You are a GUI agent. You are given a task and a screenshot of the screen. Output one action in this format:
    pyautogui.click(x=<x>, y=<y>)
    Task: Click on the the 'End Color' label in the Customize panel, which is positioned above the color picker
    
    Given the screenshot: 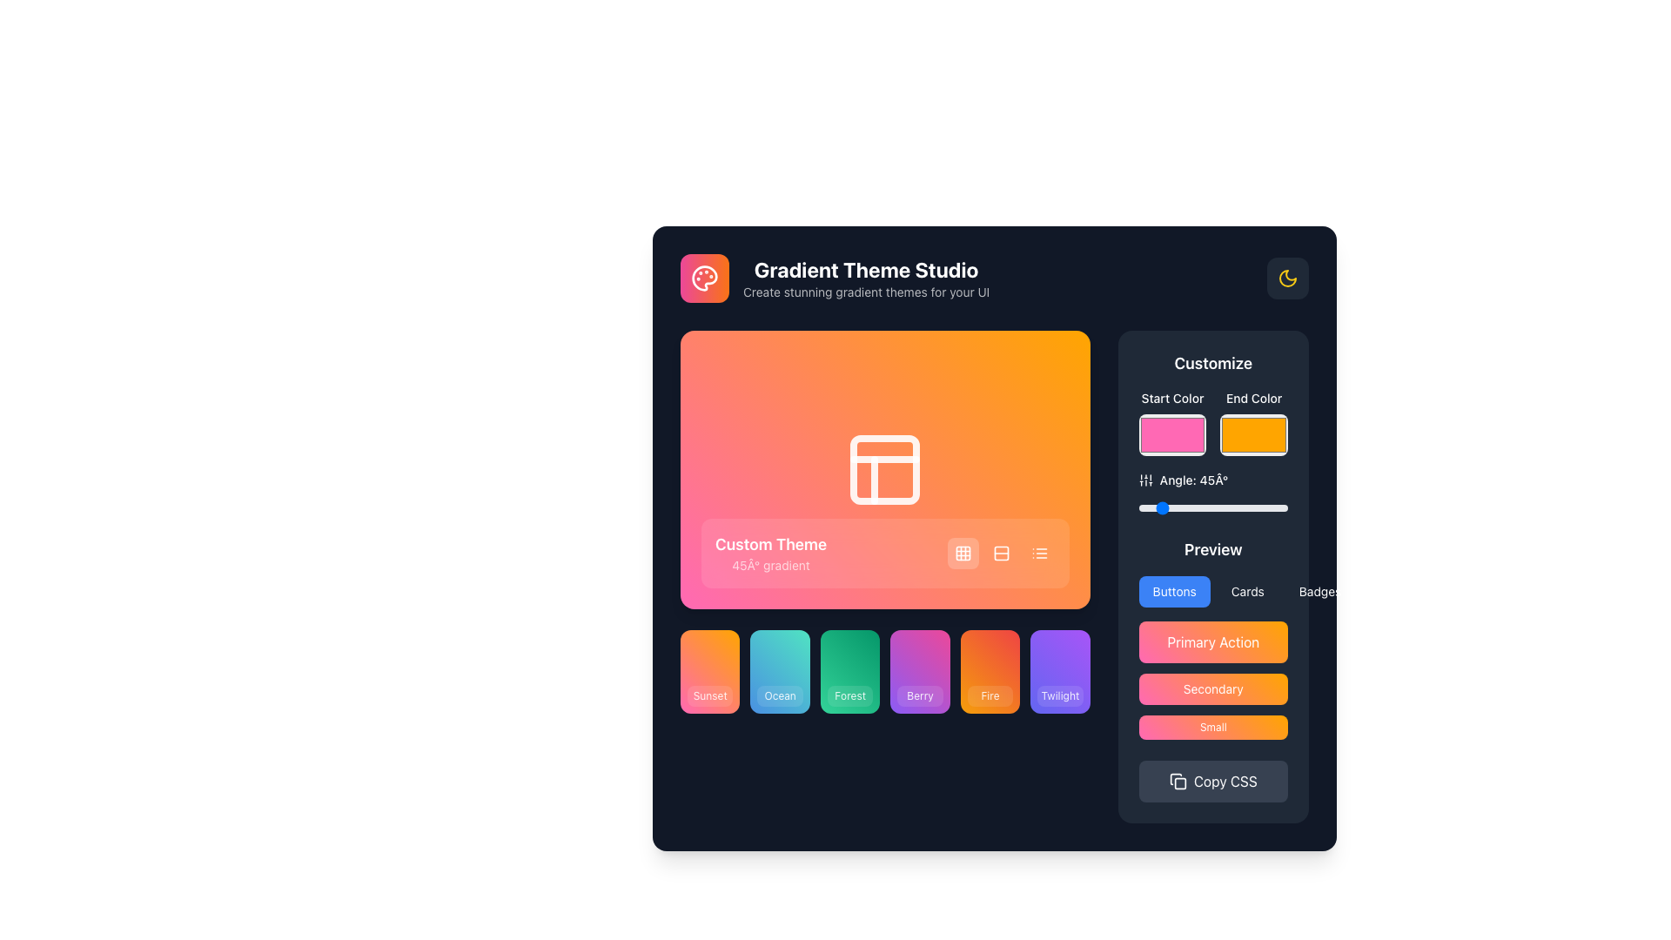 What is the action you would take?
    pyautogui.click(x=1254, y=399)
    